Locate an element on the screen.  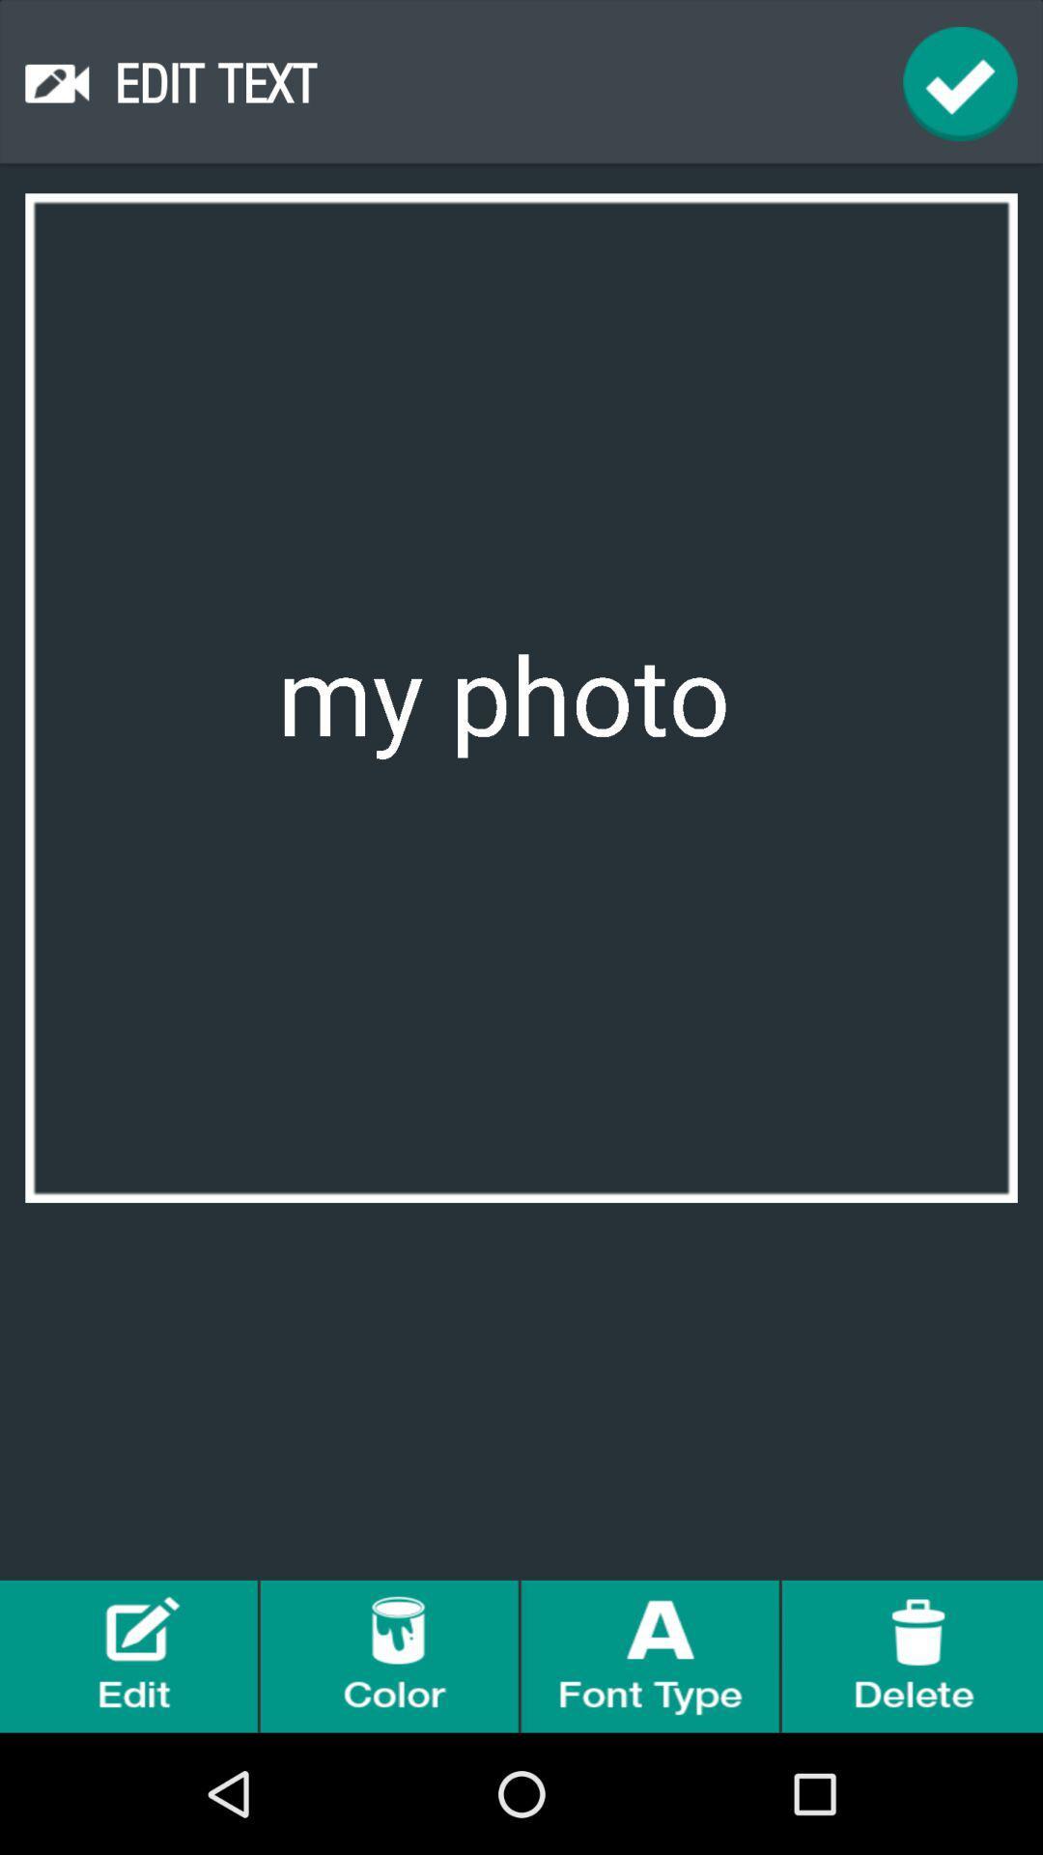
confirm and go head is located at coordinates (960, 82).